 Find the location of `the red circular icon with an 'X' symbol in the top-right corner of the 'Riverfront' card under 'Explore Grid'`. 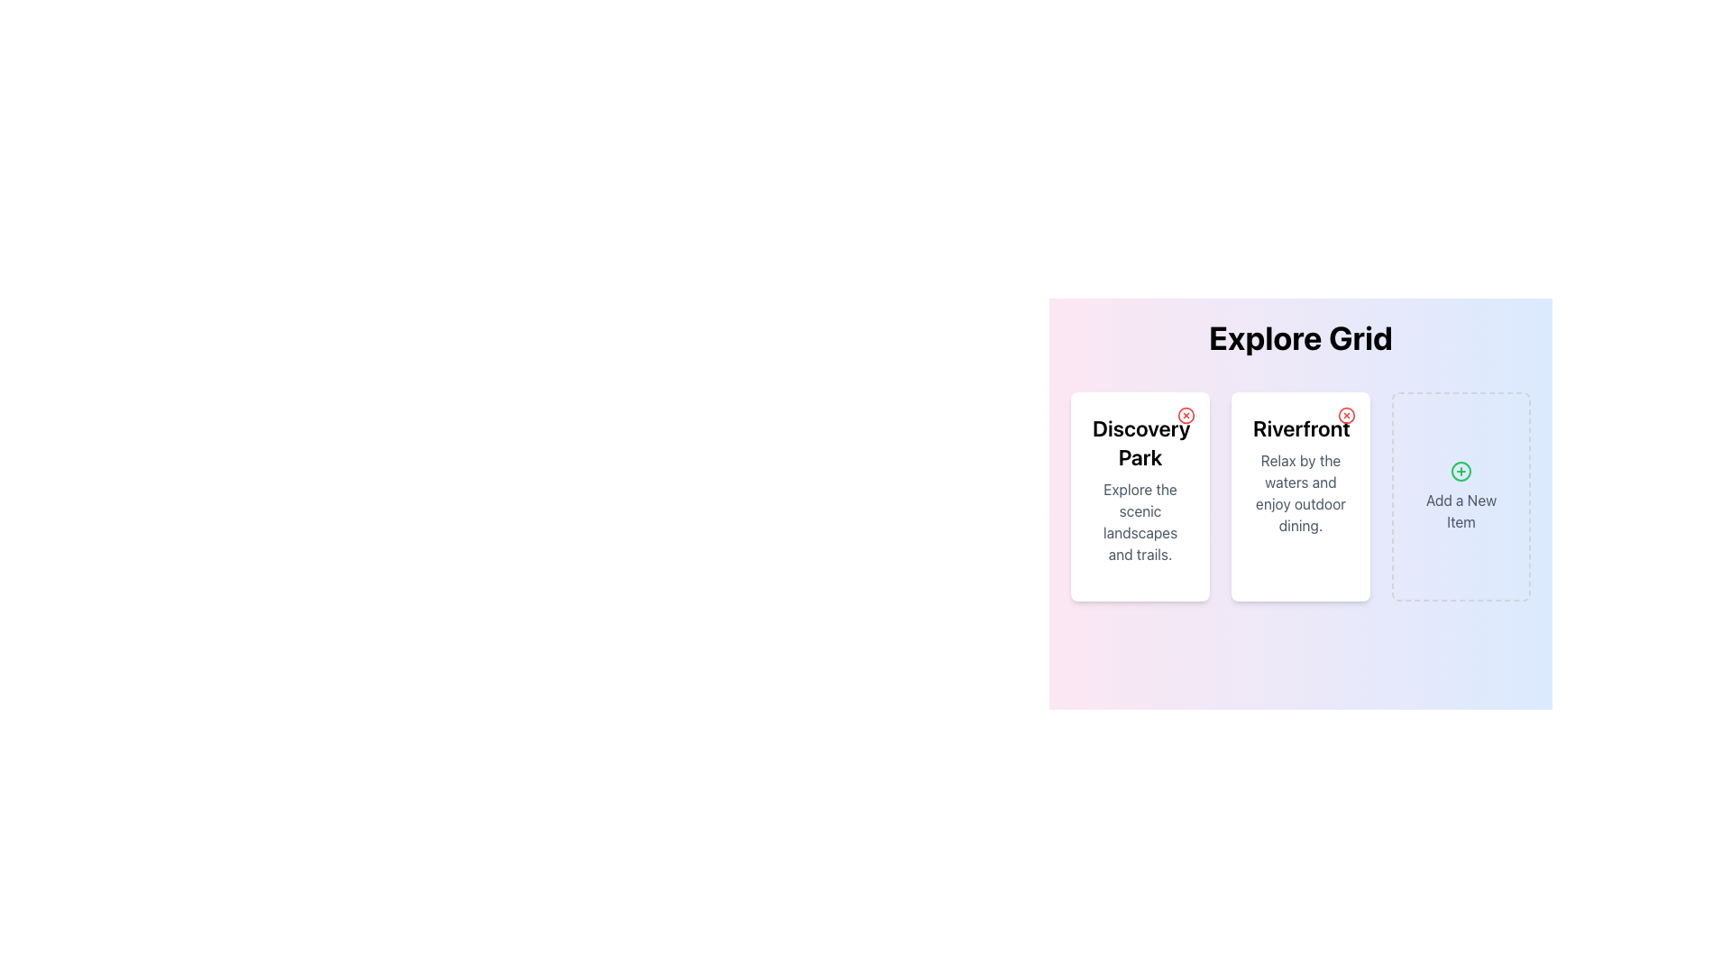

the red circular icon with an 'X' symbol in the top-right corner of the 'Riverfront' card under 'Explore Grid' is located at coordinates (1346, 416).